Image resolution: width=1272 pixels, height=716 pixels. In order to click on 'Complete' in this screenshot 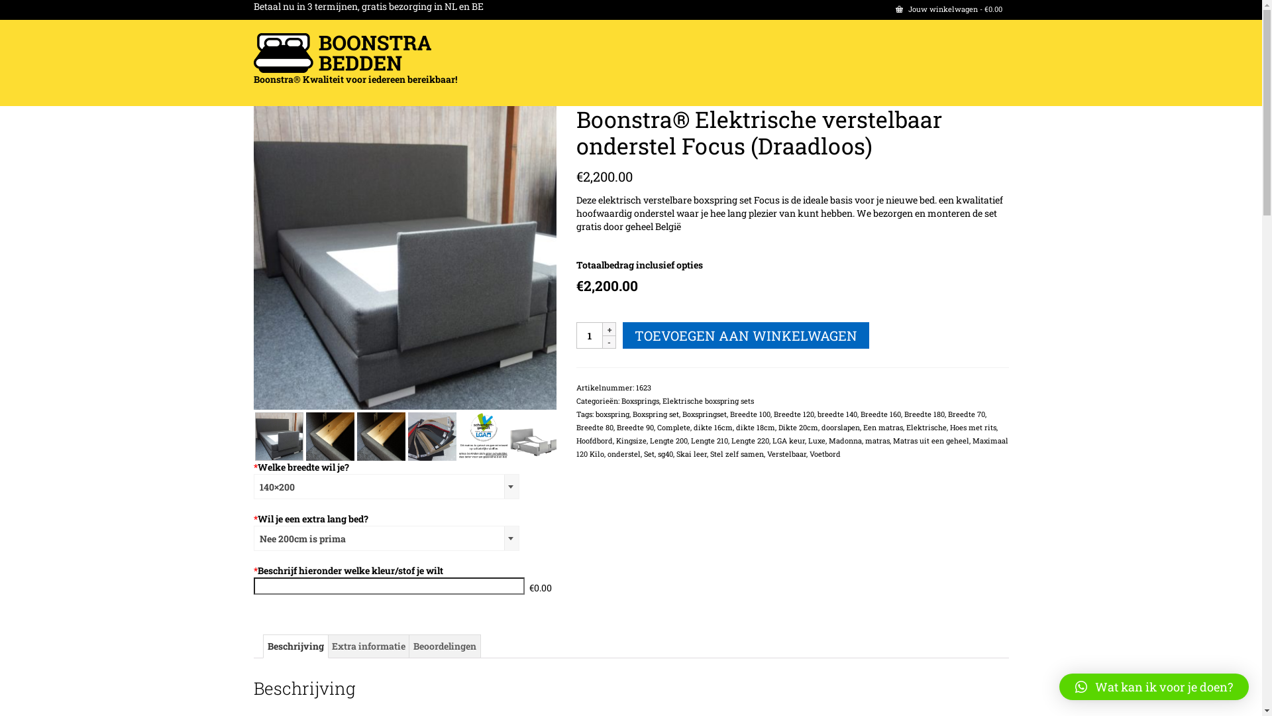, I will do `click(674, 427)`.